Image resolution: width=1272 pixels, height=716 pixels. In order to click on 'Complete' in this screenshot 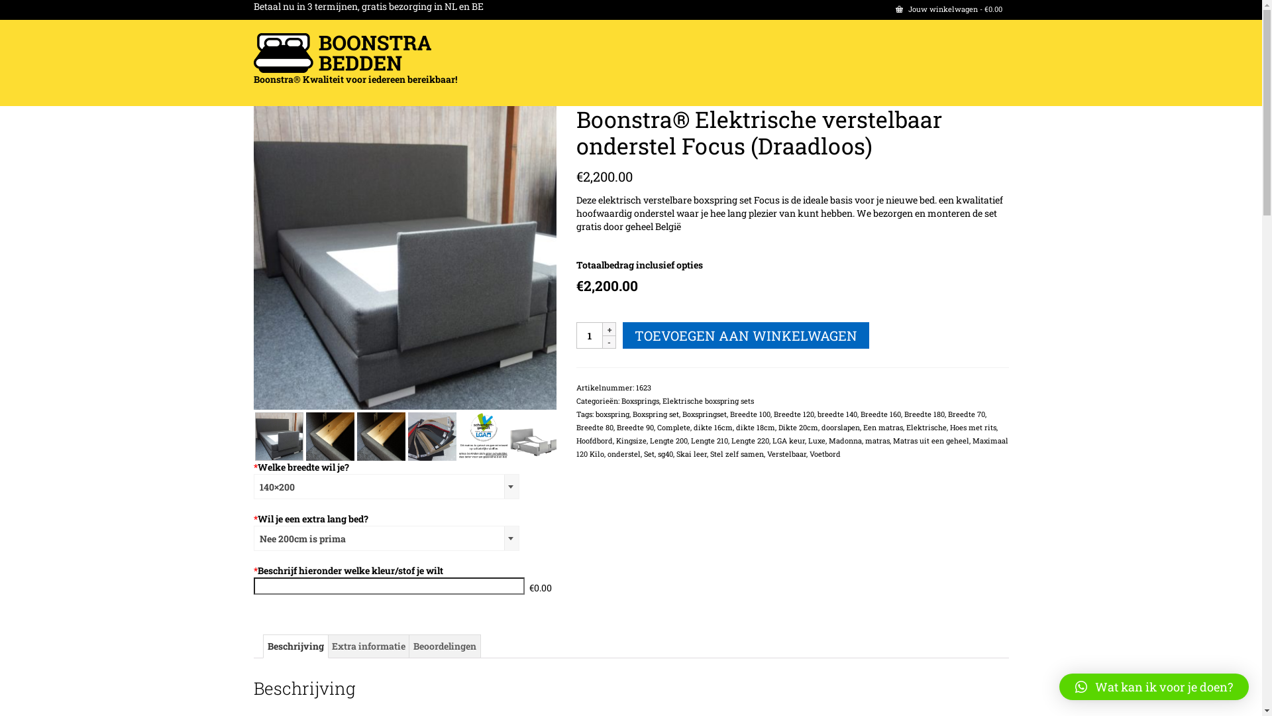, I will do `click(674, 427)`.